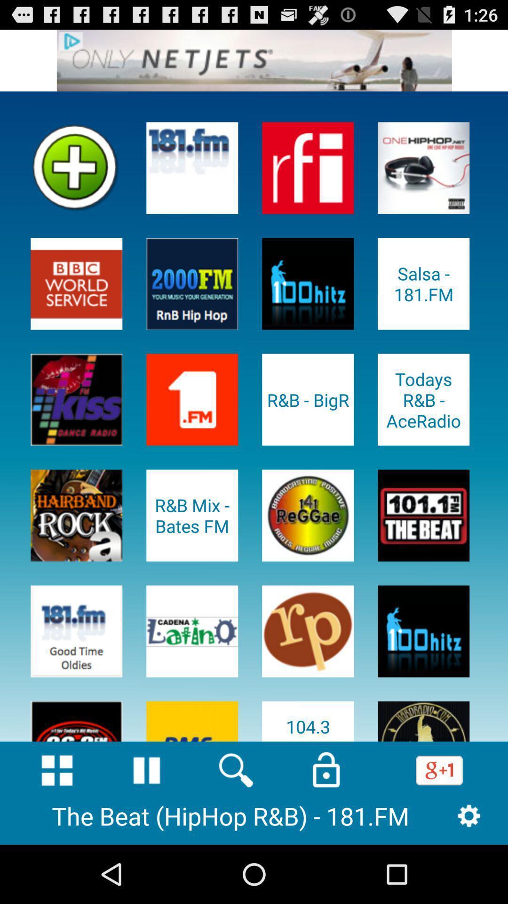  What do you see at coordinates (57, 770) in the screenshot?
I see `display thumbnails` at bounding box center [57, 770].